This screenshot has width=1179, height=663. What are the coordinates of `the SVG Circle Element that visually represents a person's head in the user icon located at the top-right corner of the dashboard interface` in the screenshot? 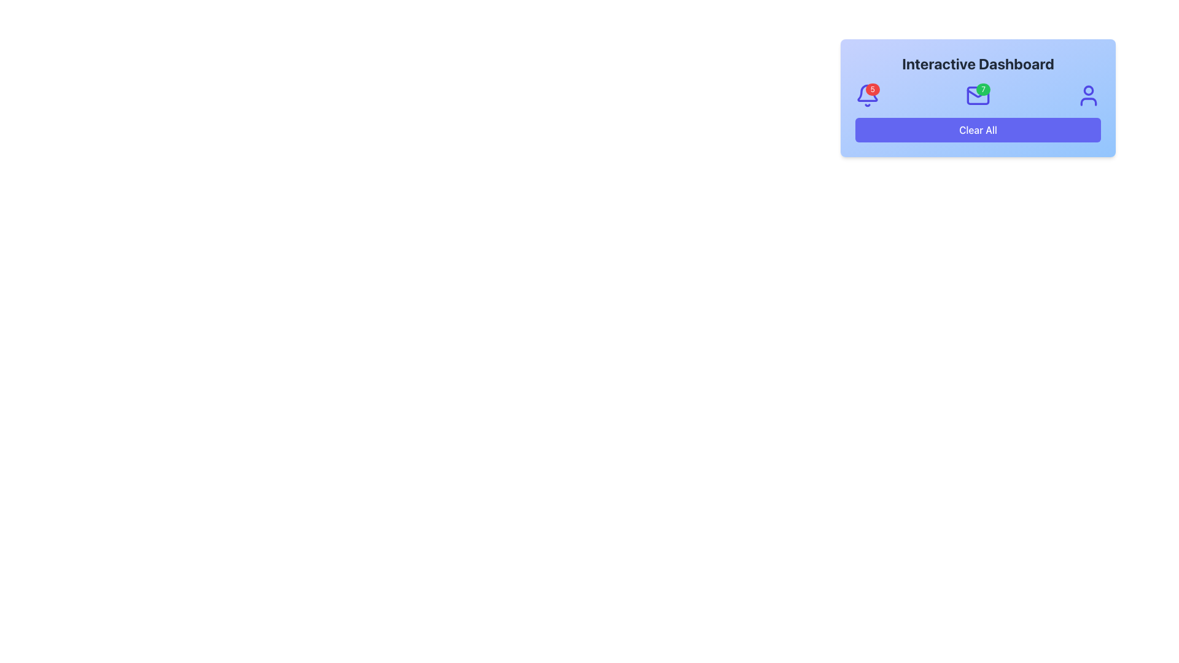 It's located at (1088, 90).